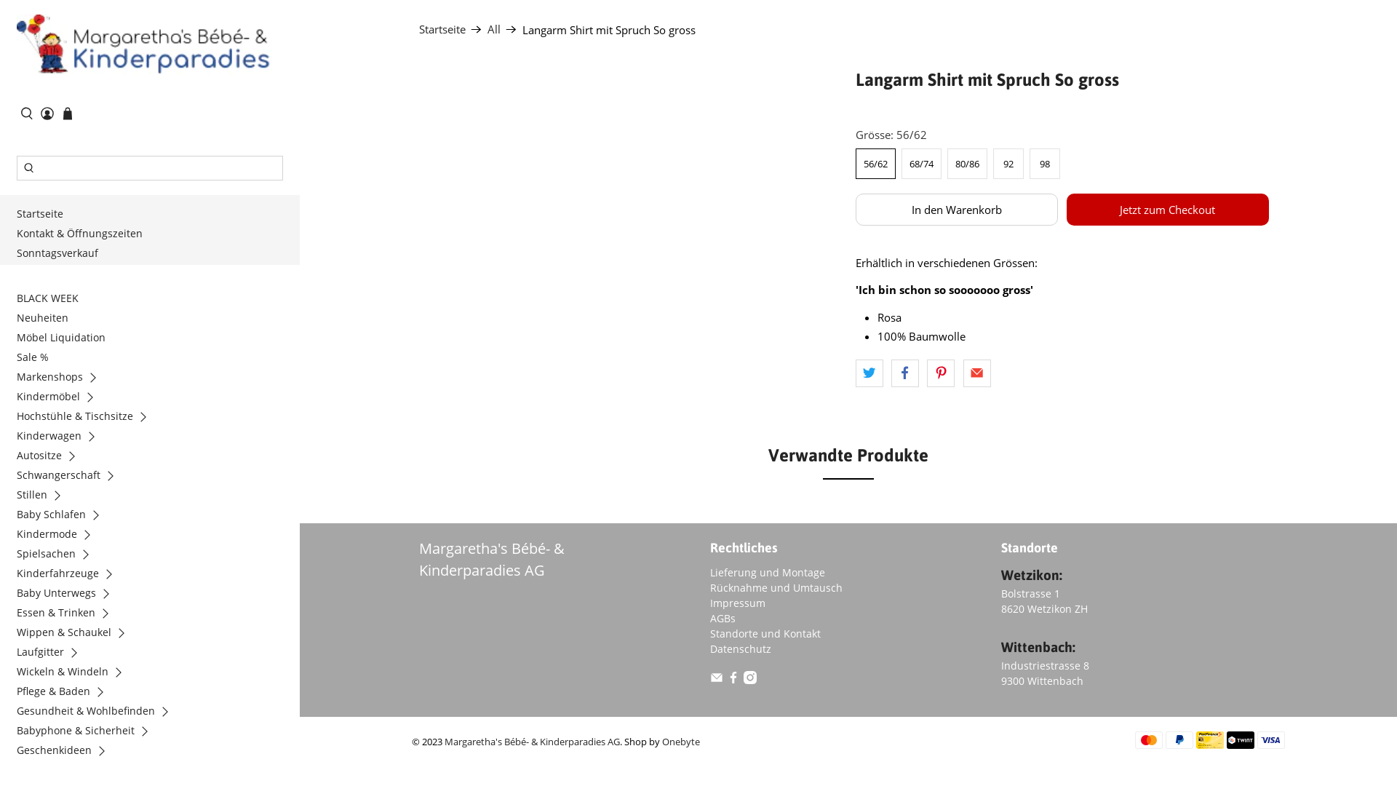  What do you see at coordinates (16, 712) in the screenshot?
I see `'Gesundheit & Wohlbefinden'` at bounding box center [16, 712].